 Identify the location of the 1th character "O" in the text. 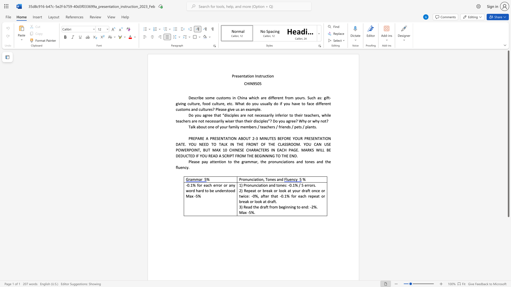
(232, 138).